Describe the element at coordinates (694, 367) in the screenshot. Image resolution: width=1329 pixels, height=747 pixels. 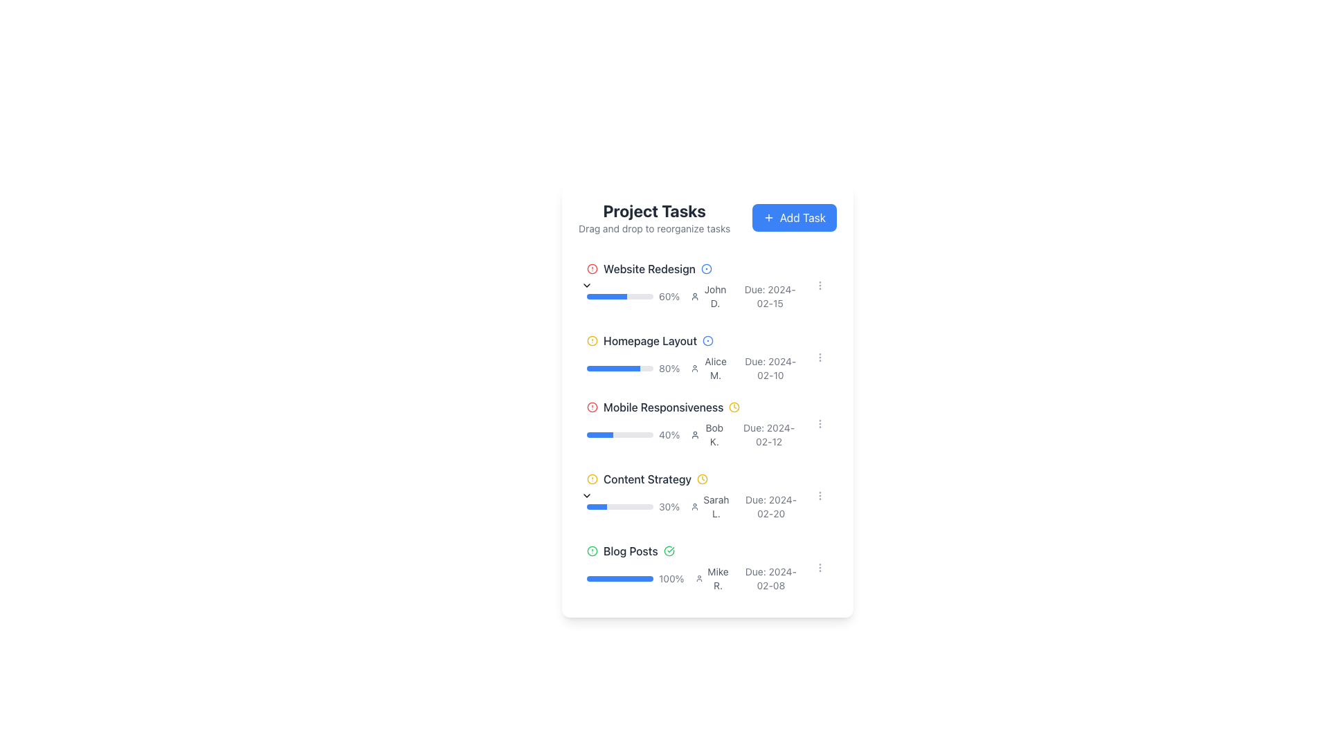
I see `the user icon located in the Task Summary Row for the 'Homepage Layout' task` at that location.